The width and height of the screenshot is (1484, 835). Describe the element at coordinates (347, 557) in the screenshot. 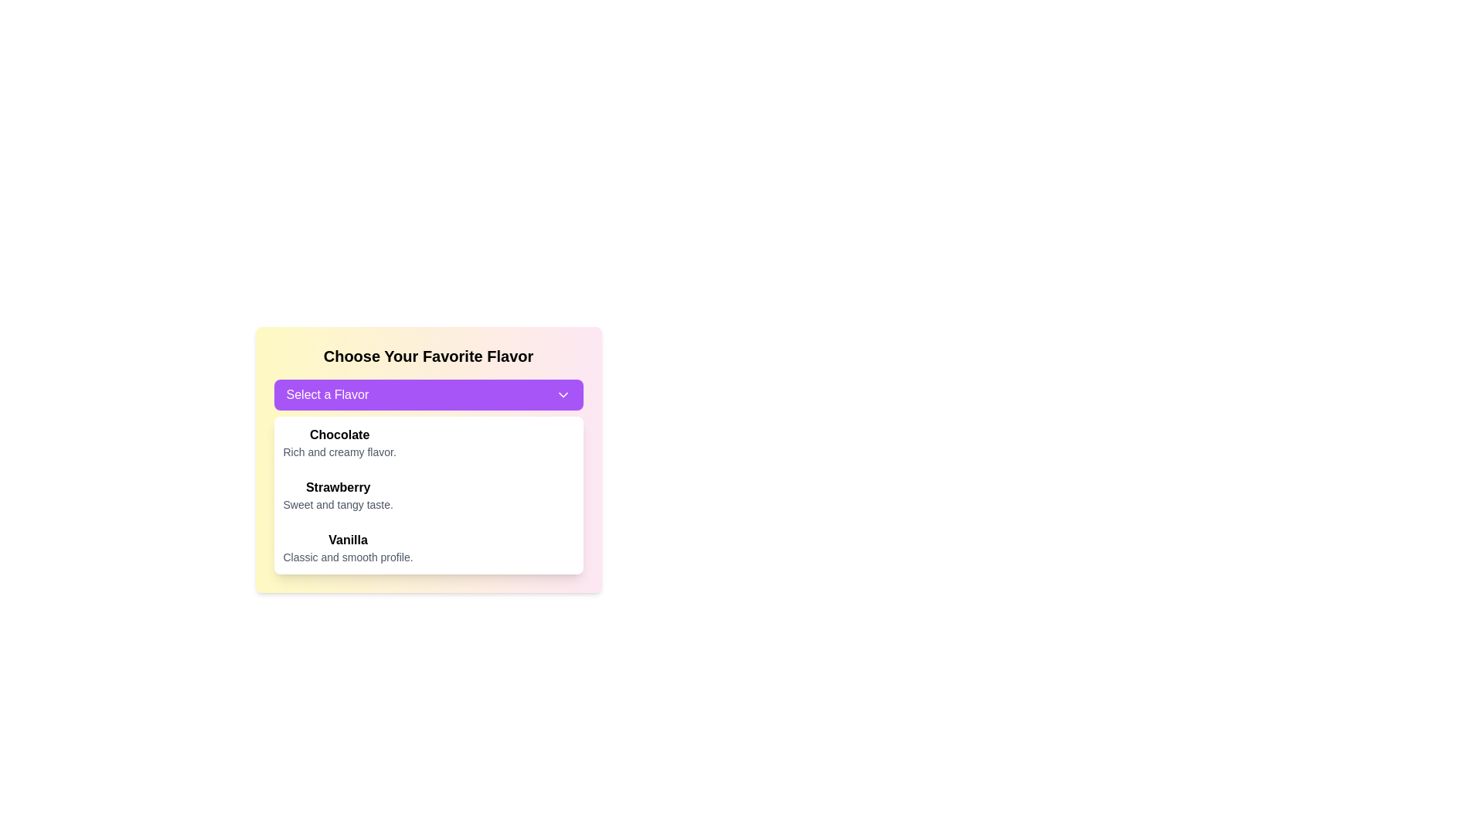

I see `descriptive text label located under the 'Vanilla' flavor option in the dropdown menu, styled in a smaller, lighter gray font` at that location.